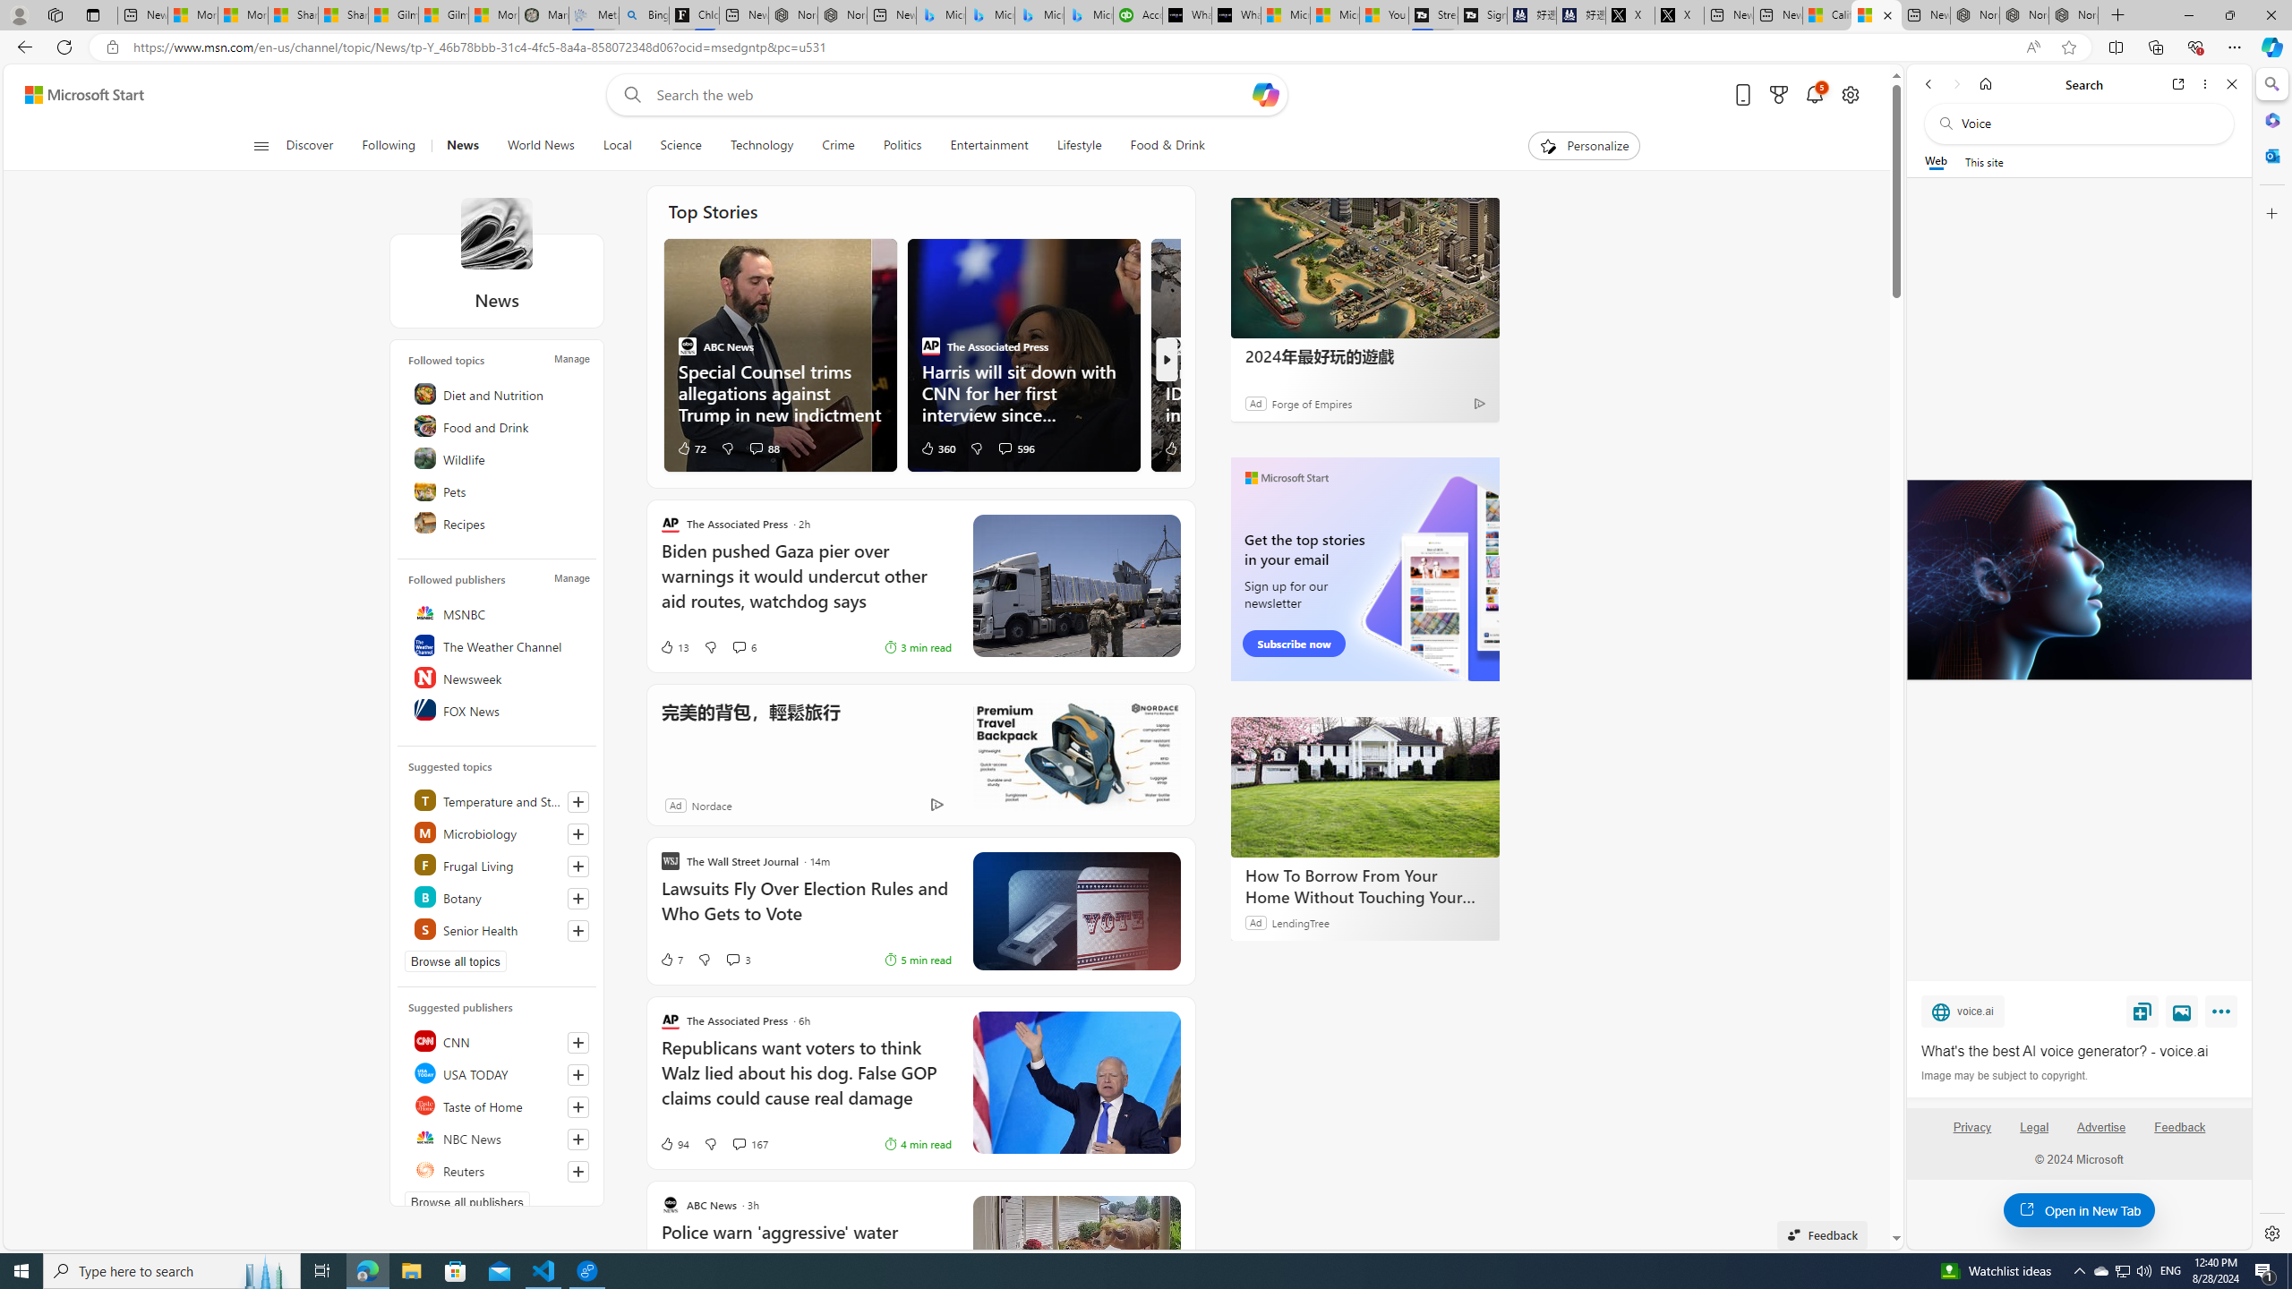 Image resolution: width=2292 pixels, height=1289 pixels. Describe the element at coordinates (500, 1041) in the screenshot. I see `'CNN'` at that location.